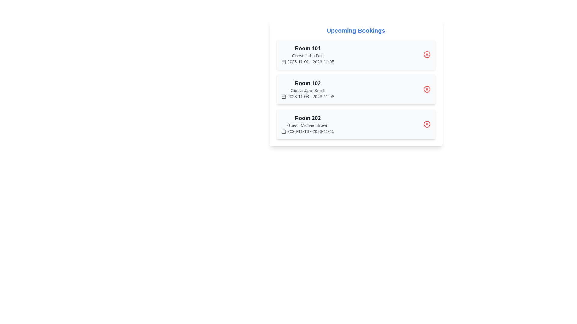 Image resolution: width=577 pixels, height=324 pixels. Describe the element at coordinates (356, 30) in the screenshot. I see `the bold, blue-colored text element labeled 'Upcoming Bookings' located at the top of the card-like section` at that location.